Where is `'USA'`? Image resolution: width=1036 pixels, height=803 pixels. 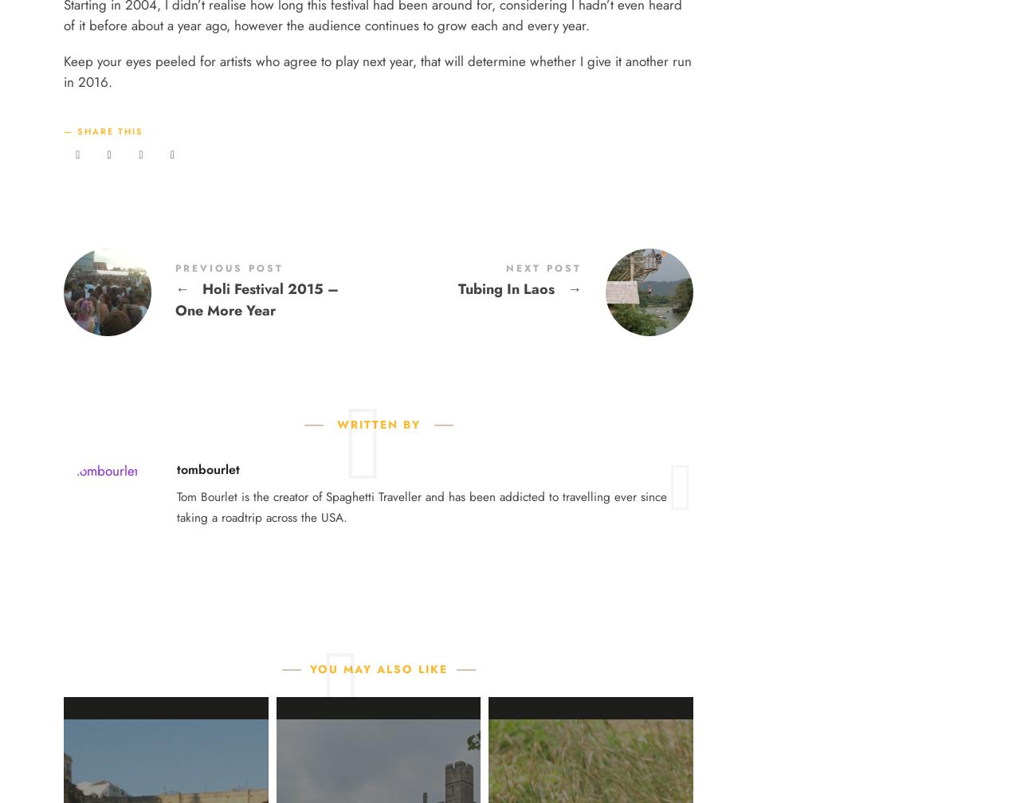 'USA' is located at coordinates (410, 181).